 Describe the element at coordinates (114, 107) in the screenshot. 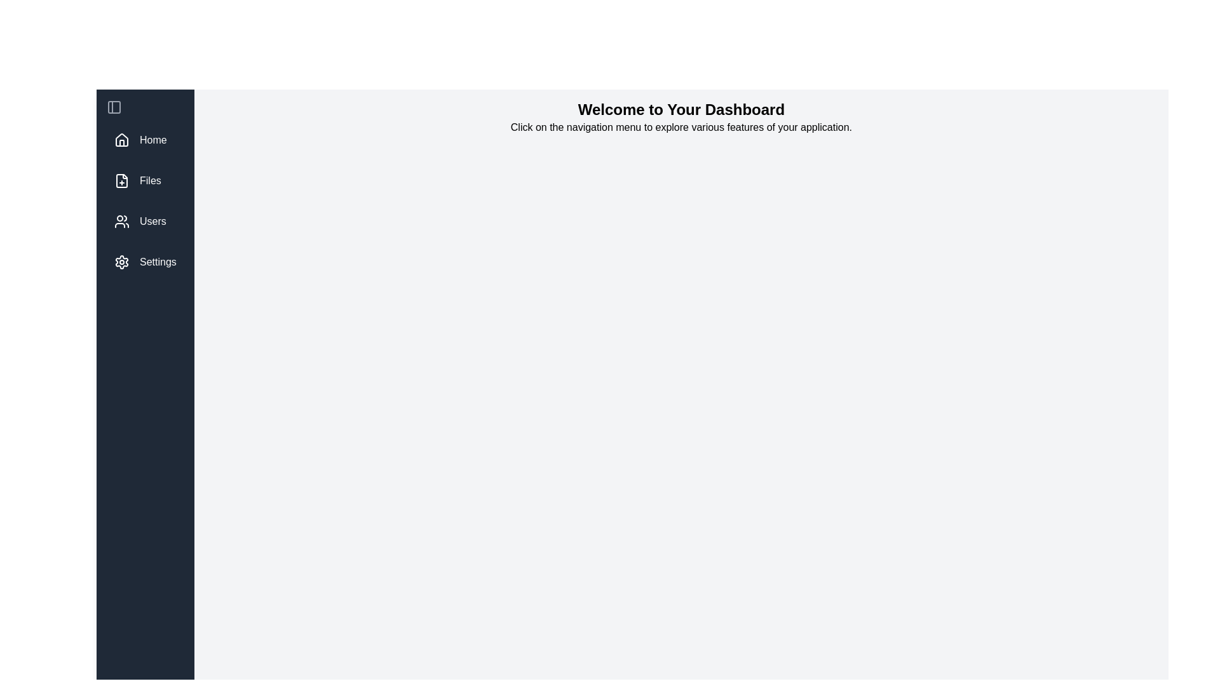

I see `the decorative rounded rectangle element in the top-left corner of the vertical navigation bar` at that location.